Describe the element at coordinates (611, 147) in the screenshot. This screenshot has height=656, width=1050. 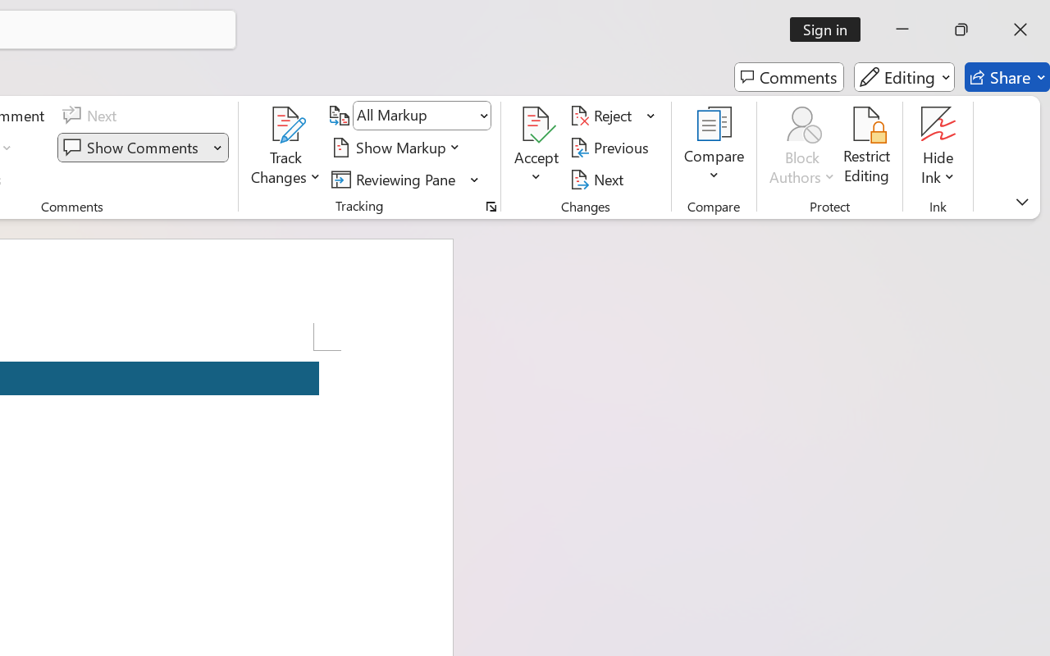
I see `'Previous'` at that location.